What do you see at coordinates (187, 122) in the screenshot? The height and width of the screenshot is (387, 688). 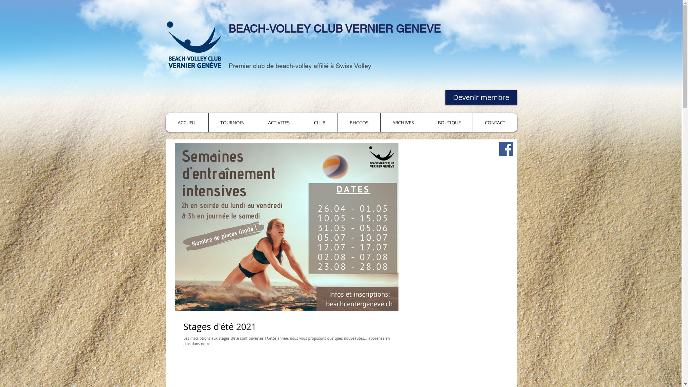 I see `'ACCUEIL'` at bounding box center [187, 122].